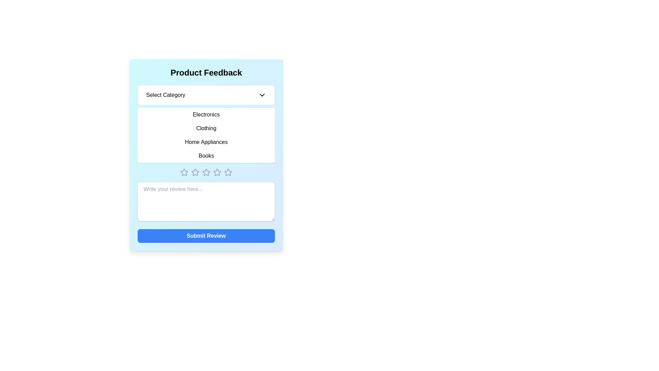  Describe the element at coordinates (195, 172) in the screenshot. I see `the second star icon in the star rating system, which is part of a horizontal arrangement of five identical stars located below a dropdown menu and above a text input field` at that location.